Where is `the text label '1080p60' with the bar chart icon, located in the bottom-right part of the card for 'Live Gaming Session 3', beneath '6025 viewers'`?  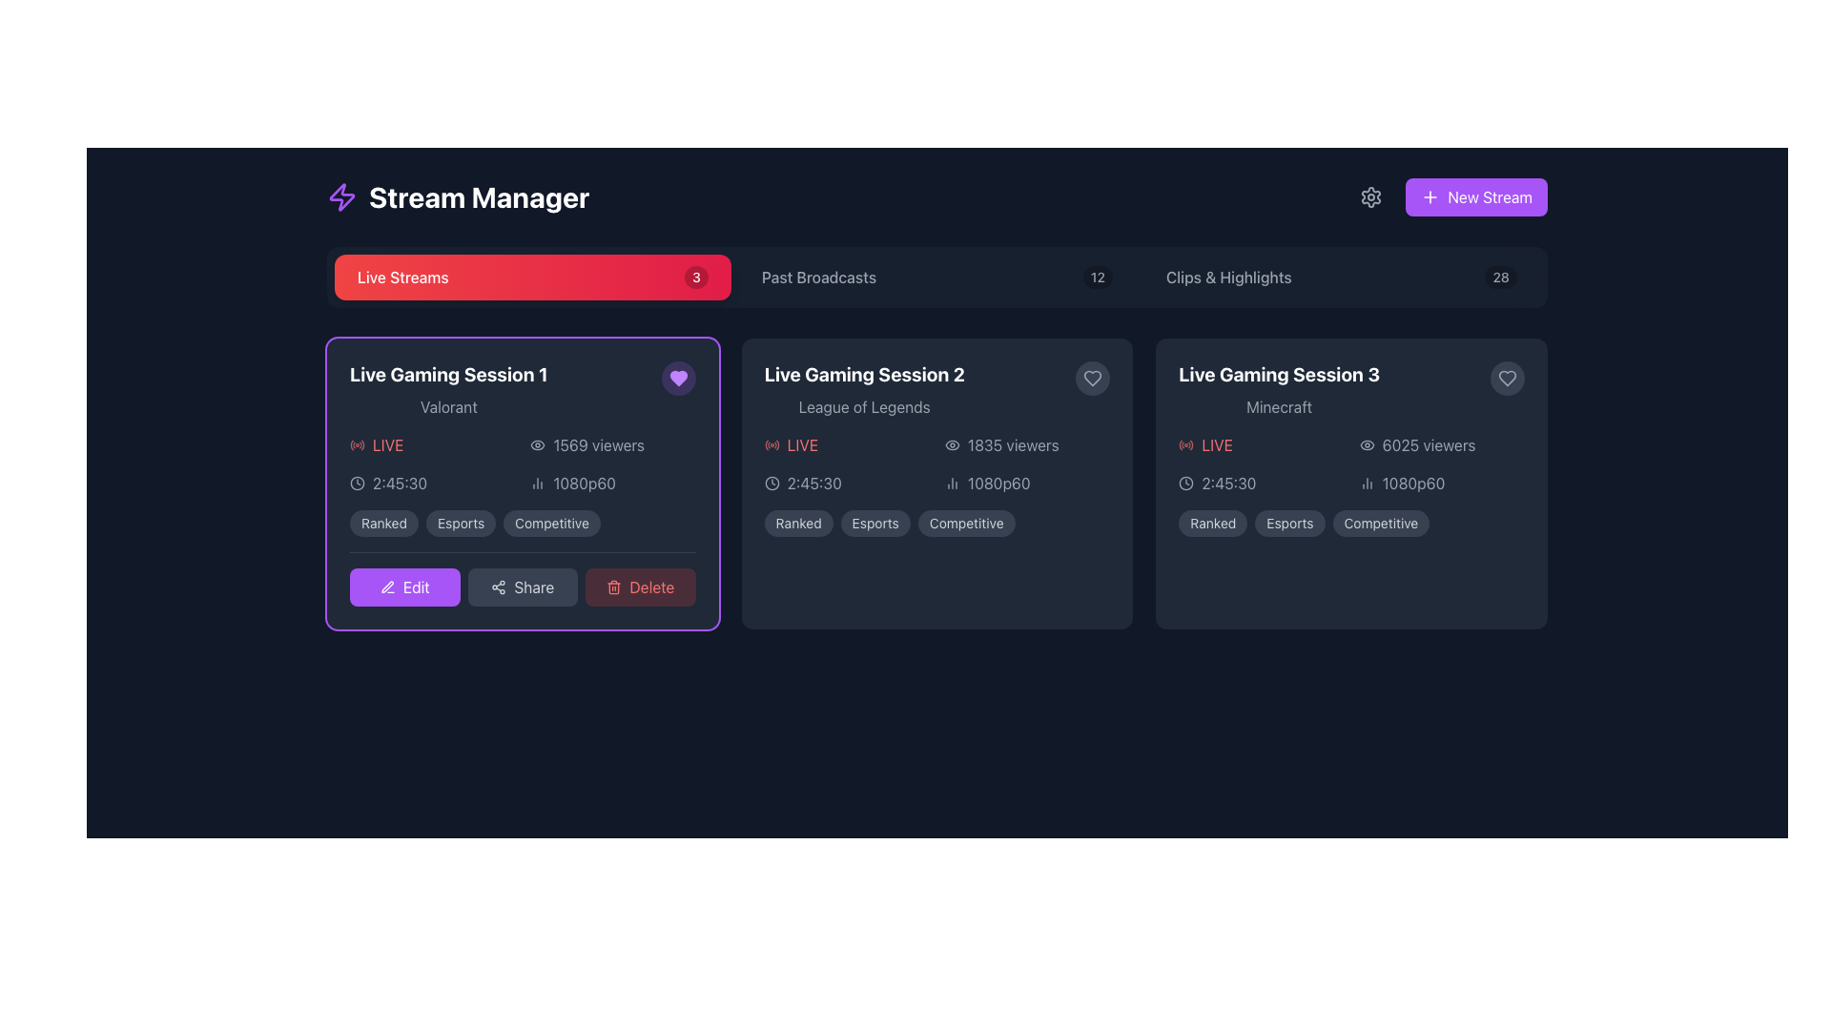
the text label '1080p60' with the bar chart icon, located in the bottom-right part of the card for 'Live Gaming Session 3', beneath '6025 viewers' is located at coordinates (1442, 482).